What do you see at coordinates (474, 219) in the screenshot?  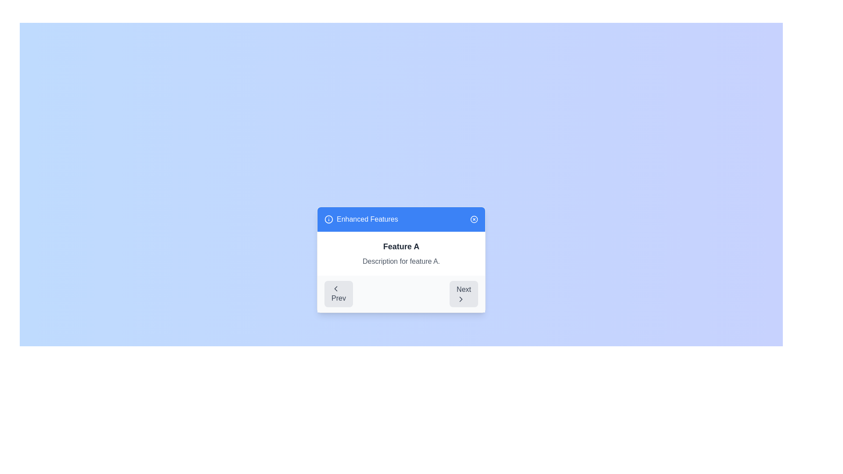 I see `the inner circular portion of the icon group labeled 'Enhanced Features' located at the top-right corner of the blue header` at bounding box center [474, 219].